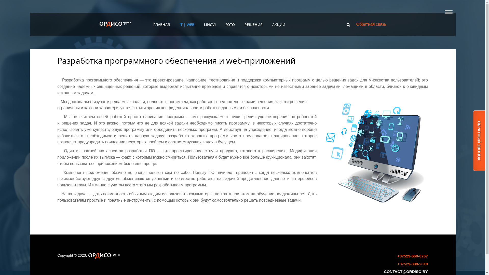 The image size is (489, 275). I want to click on 'FOTO', so click(230, 25).